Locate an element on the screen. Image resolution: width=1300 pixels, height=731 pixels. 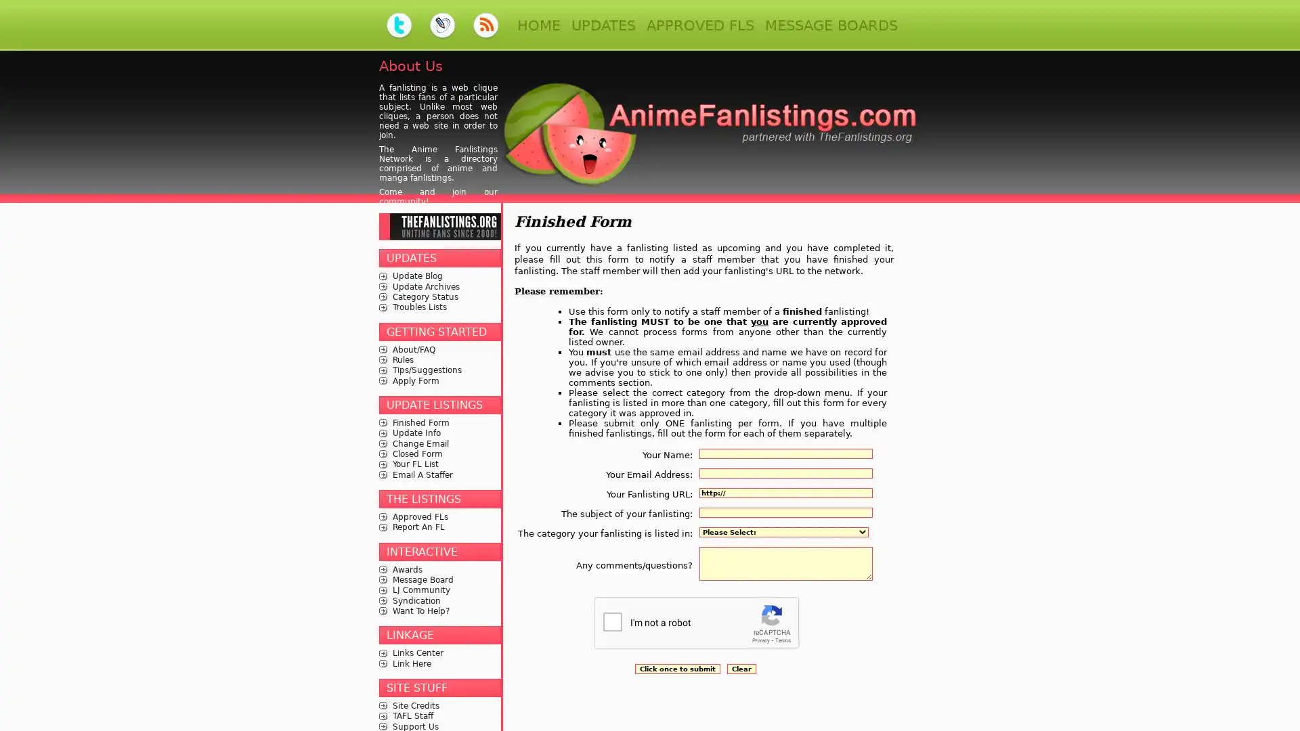
Click once to submit is located at coordinates (676, 668).